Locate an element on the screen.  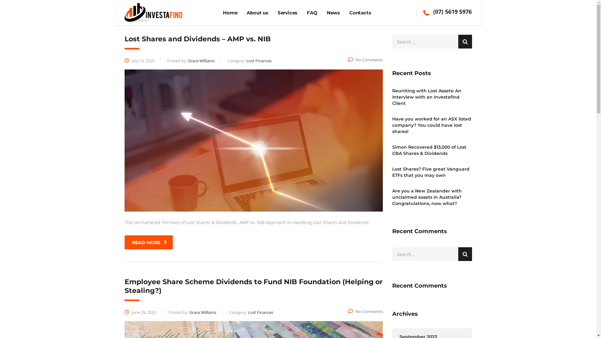
'No Comments' is located at coordinates (365, 60).